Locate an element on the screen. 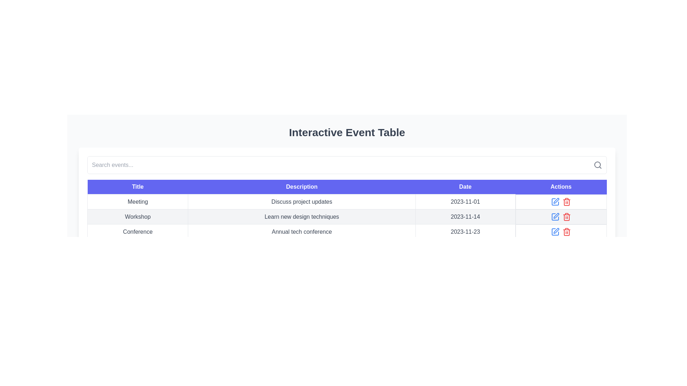 The image size is (687, 386). the blue pen icon button located in the 'Actions' column for the 'Meeting' event on '2023-11-01' is located at coordinates (555, 202).